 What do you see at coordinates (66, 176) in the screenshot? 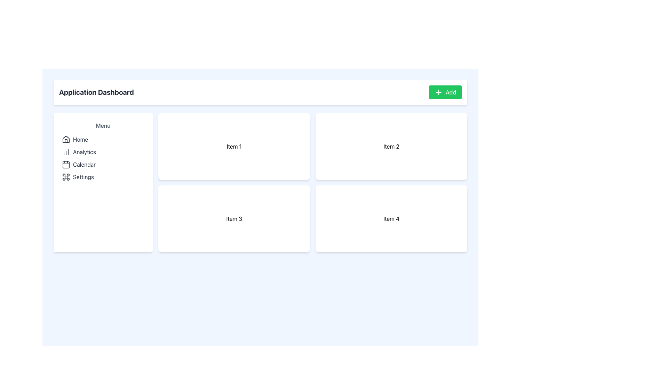
I see `the 'Settings' icon in the sidebar menu, which symbolizes a four-leaf clover with a cross in the center and rounded square components at the ends of the arms` at bounding box center [66, 176].